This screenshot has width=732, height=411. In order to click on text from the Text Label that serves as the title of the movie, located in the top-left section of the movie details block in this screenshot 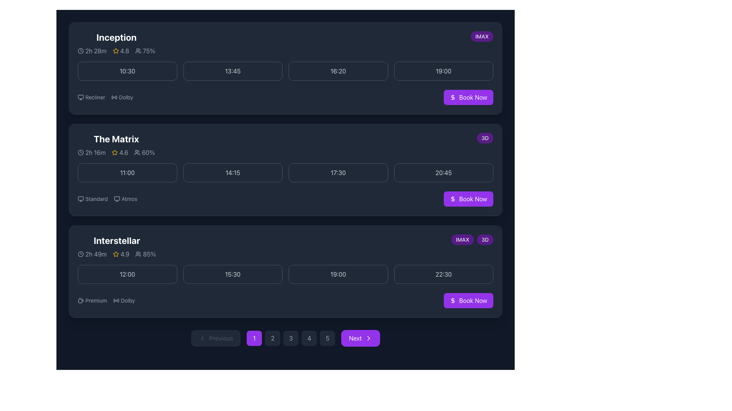, I will do `click(116, 241)`.